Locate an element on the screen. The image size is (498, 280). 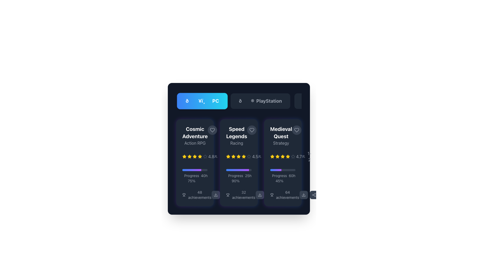
the static text label that indicates the genre for the 'Speed Legends' game, located below the title within the content card is located at coordinates (236, 143).